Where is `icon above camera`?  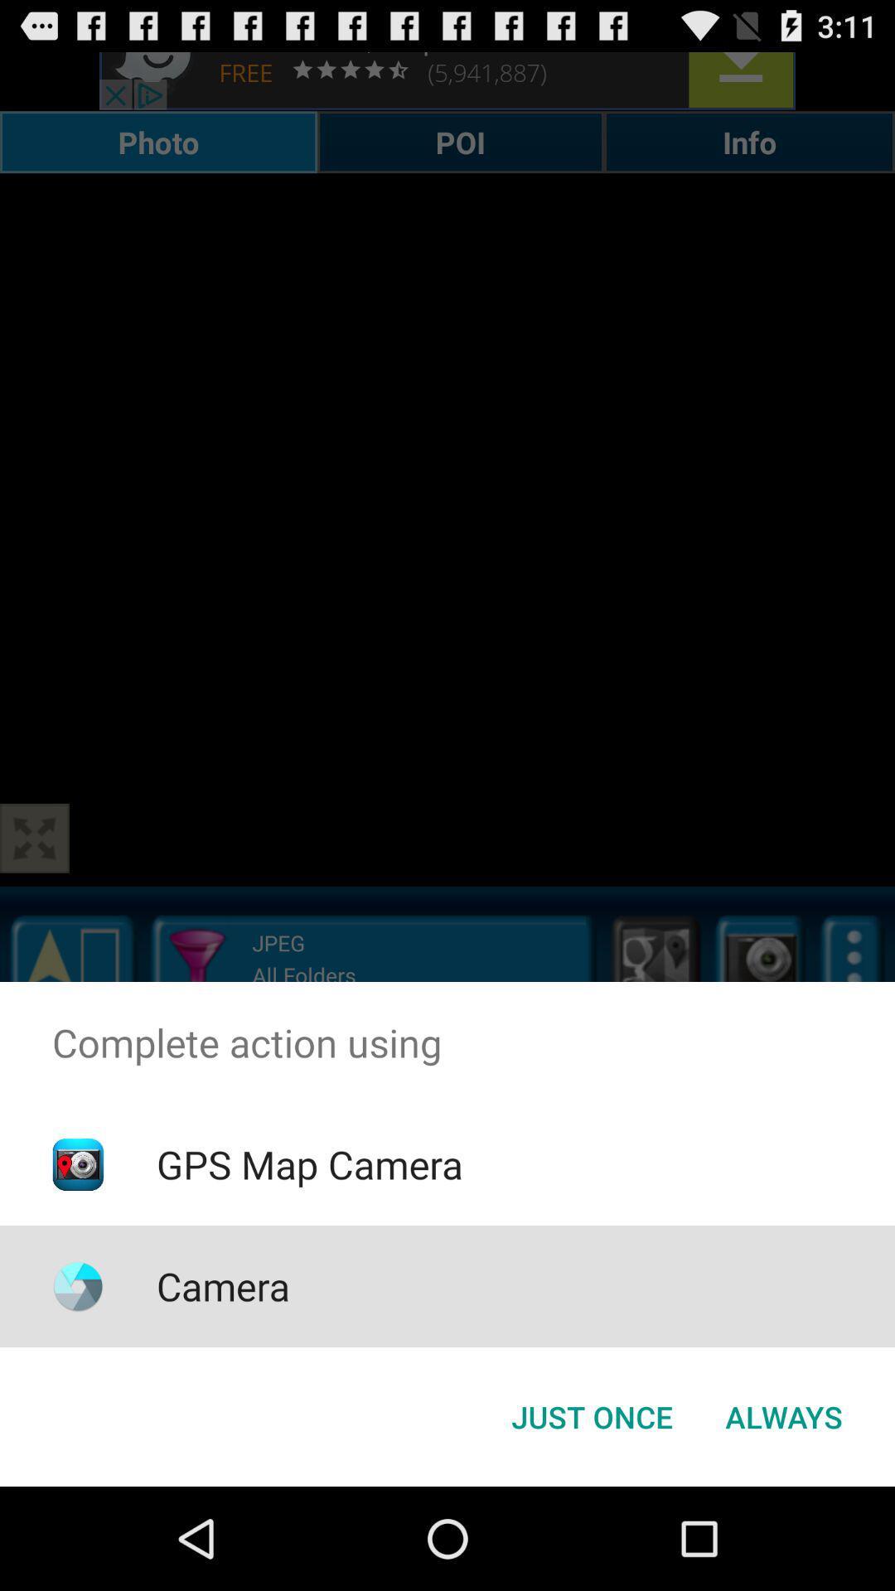
icon above camera is located at coordinates (309, 1163).